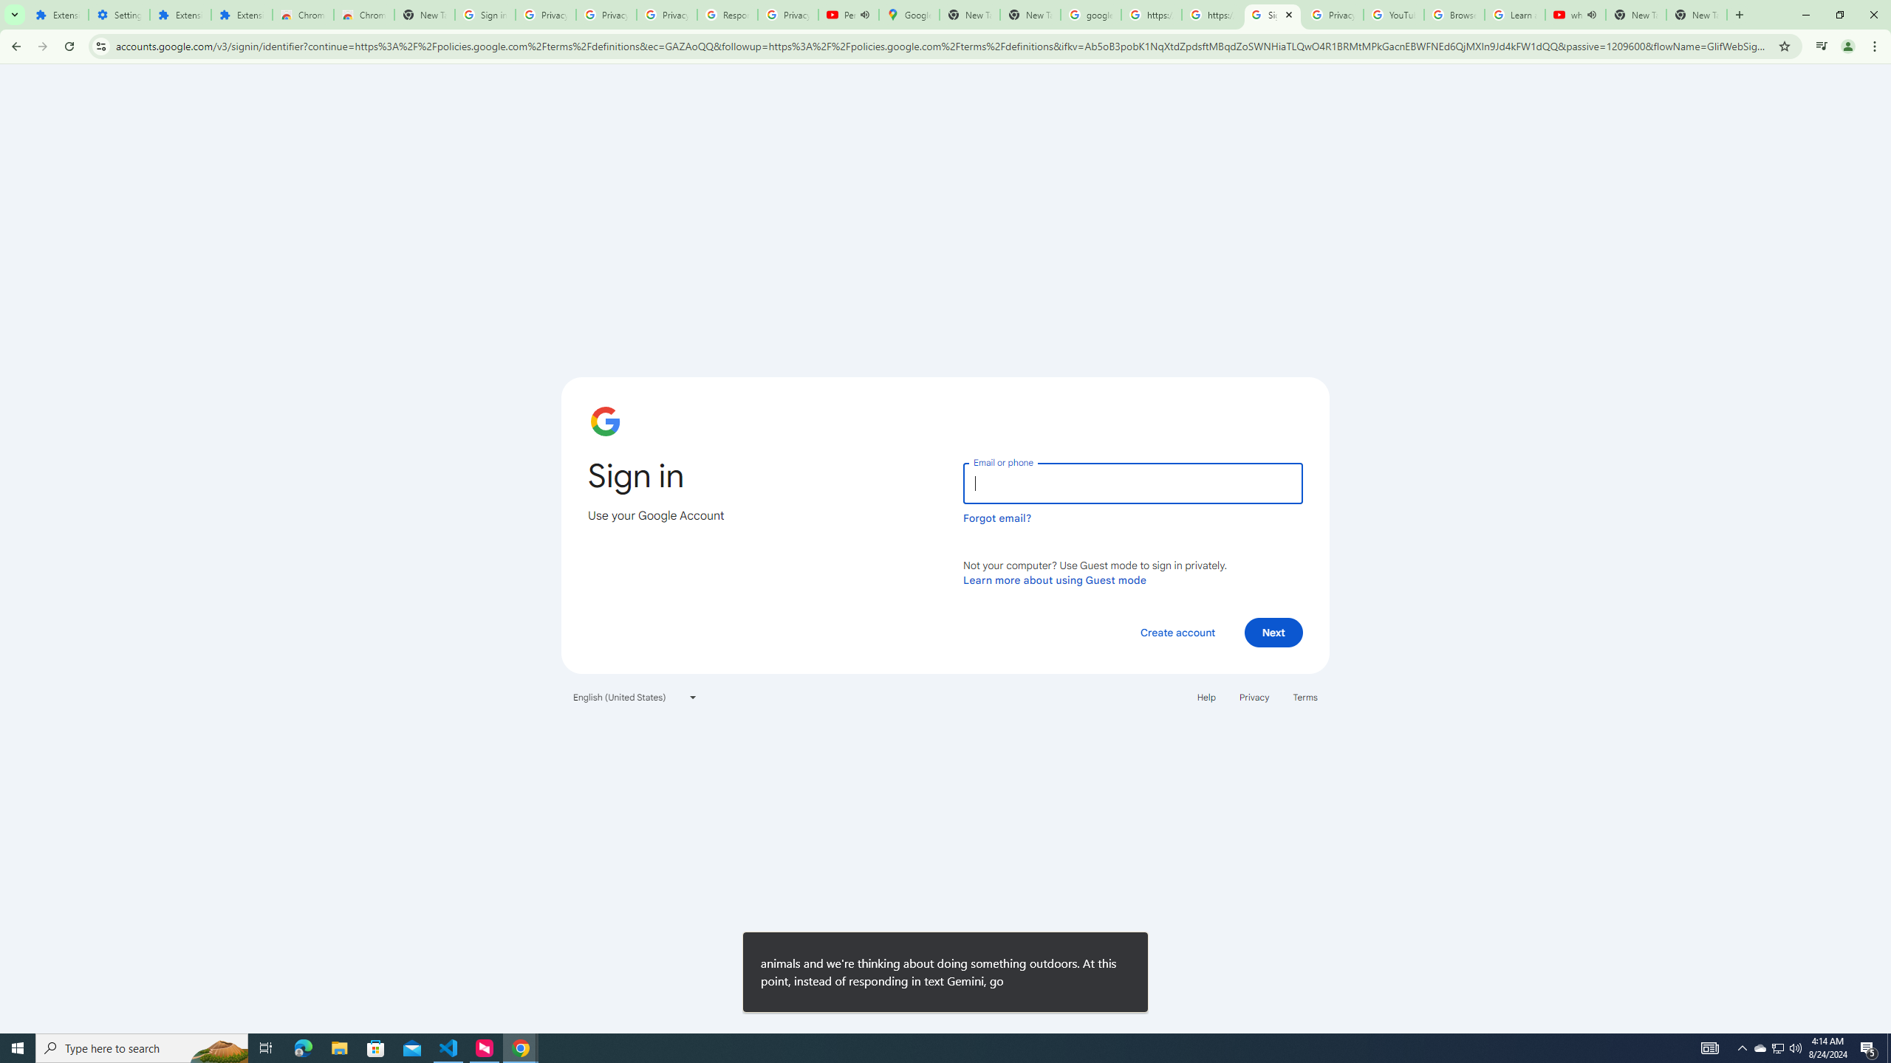 This screenshot has width=1891, height=1063. I want to click on 'Sign in - Google Accounts', so click(1273, 14).